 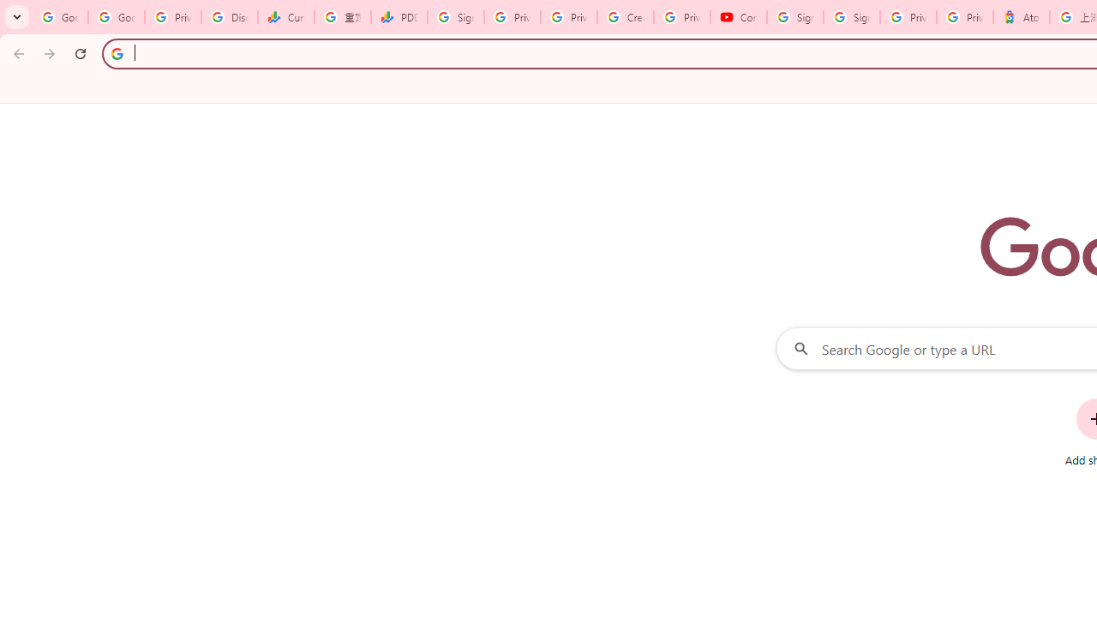 What do you see at coordinates (1021, 17) in the screenshot?
I see `'Atour Hotel - Google hotels'` at bounding box center [1021, 17].